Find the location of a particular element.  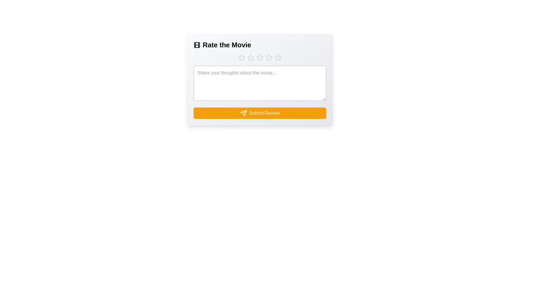

the movie rating to 5 stars by clicking on the corresponding star is located at coordinates (278, 57).